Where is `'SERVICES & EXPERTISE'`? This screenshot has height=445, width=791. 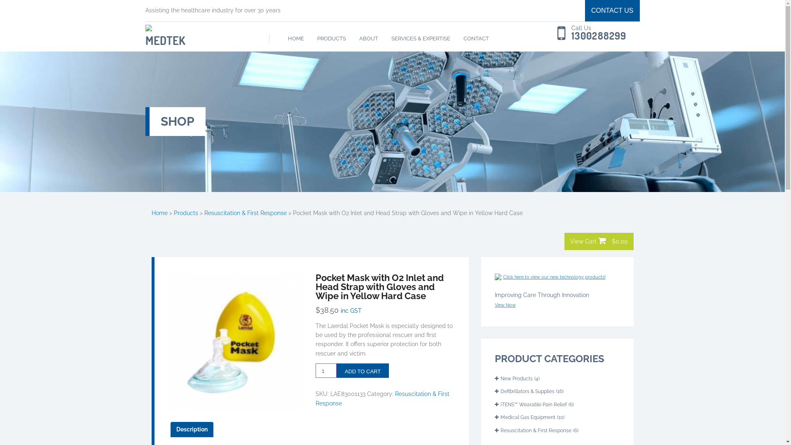
'SERVICES & EXPERTISE' is located at coordinates (421, 38).